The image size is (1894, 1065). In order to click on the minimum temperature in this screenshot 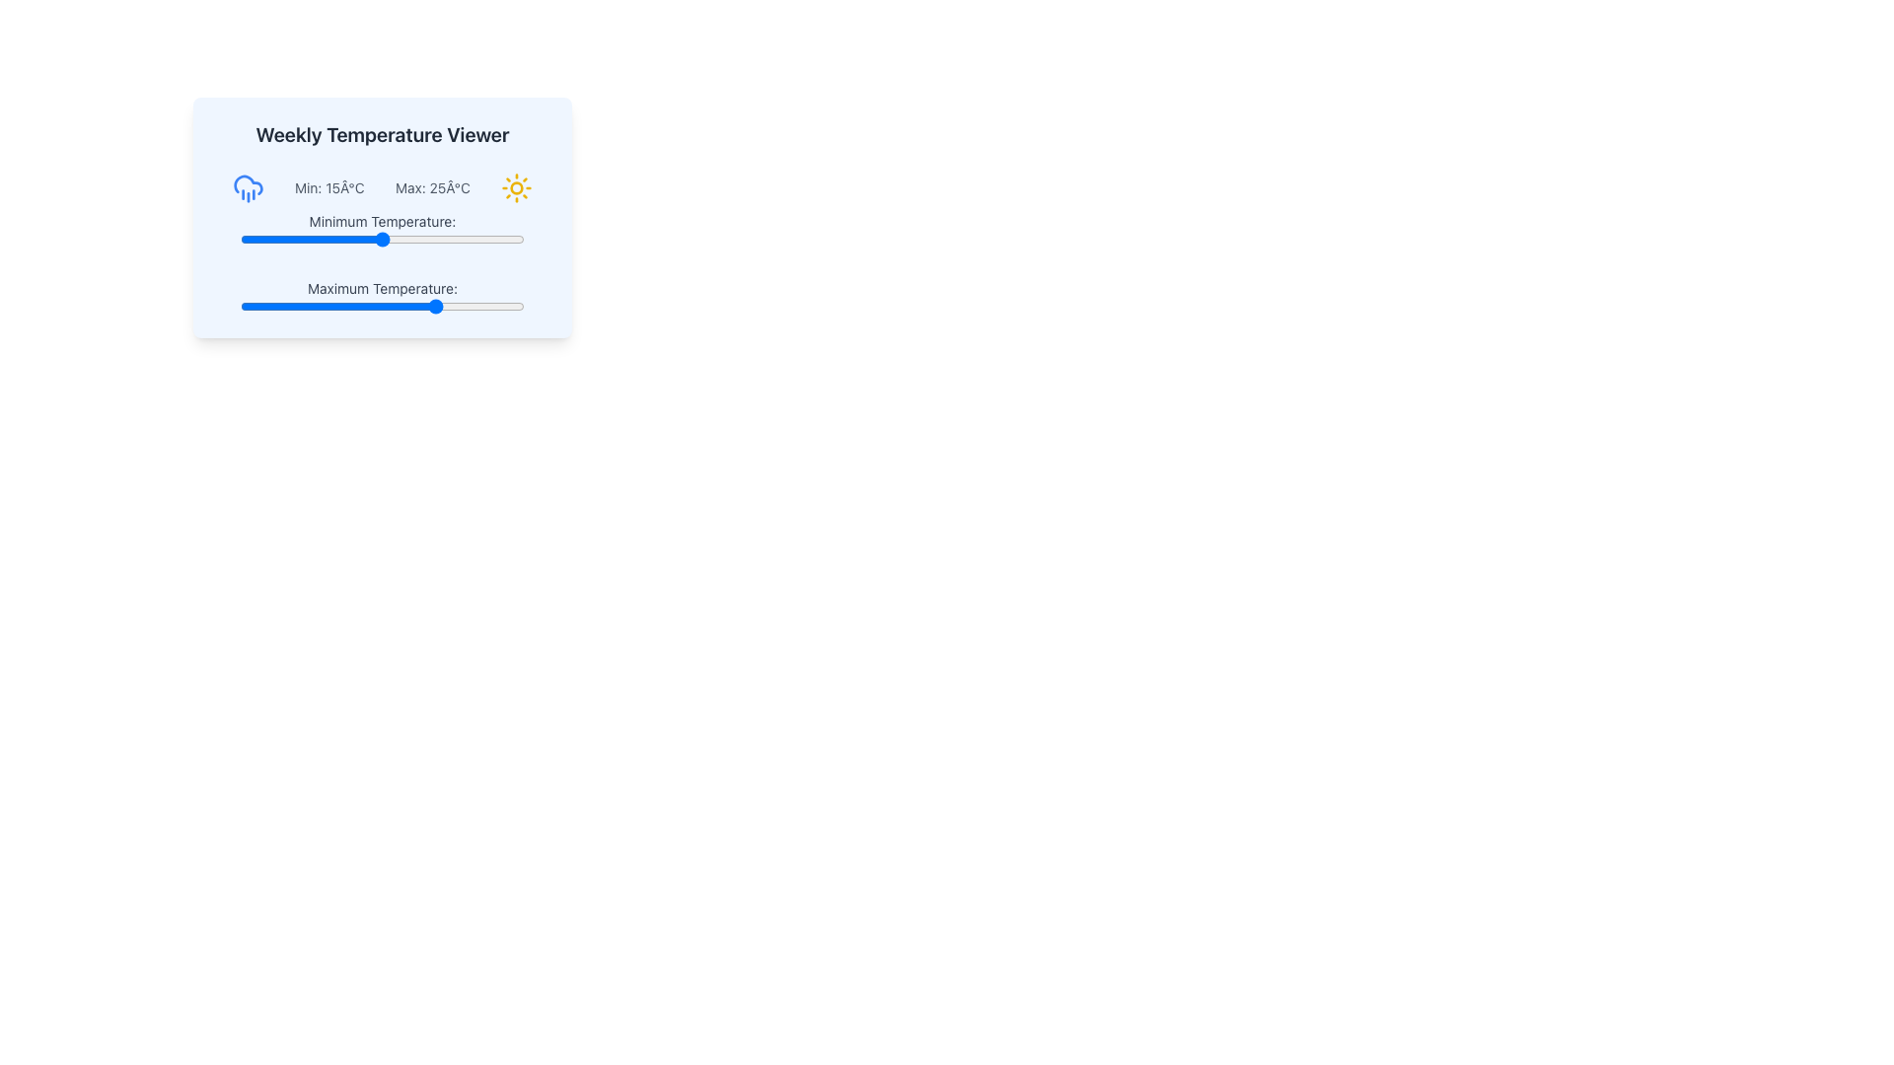, I will do `click(421, 239)`.